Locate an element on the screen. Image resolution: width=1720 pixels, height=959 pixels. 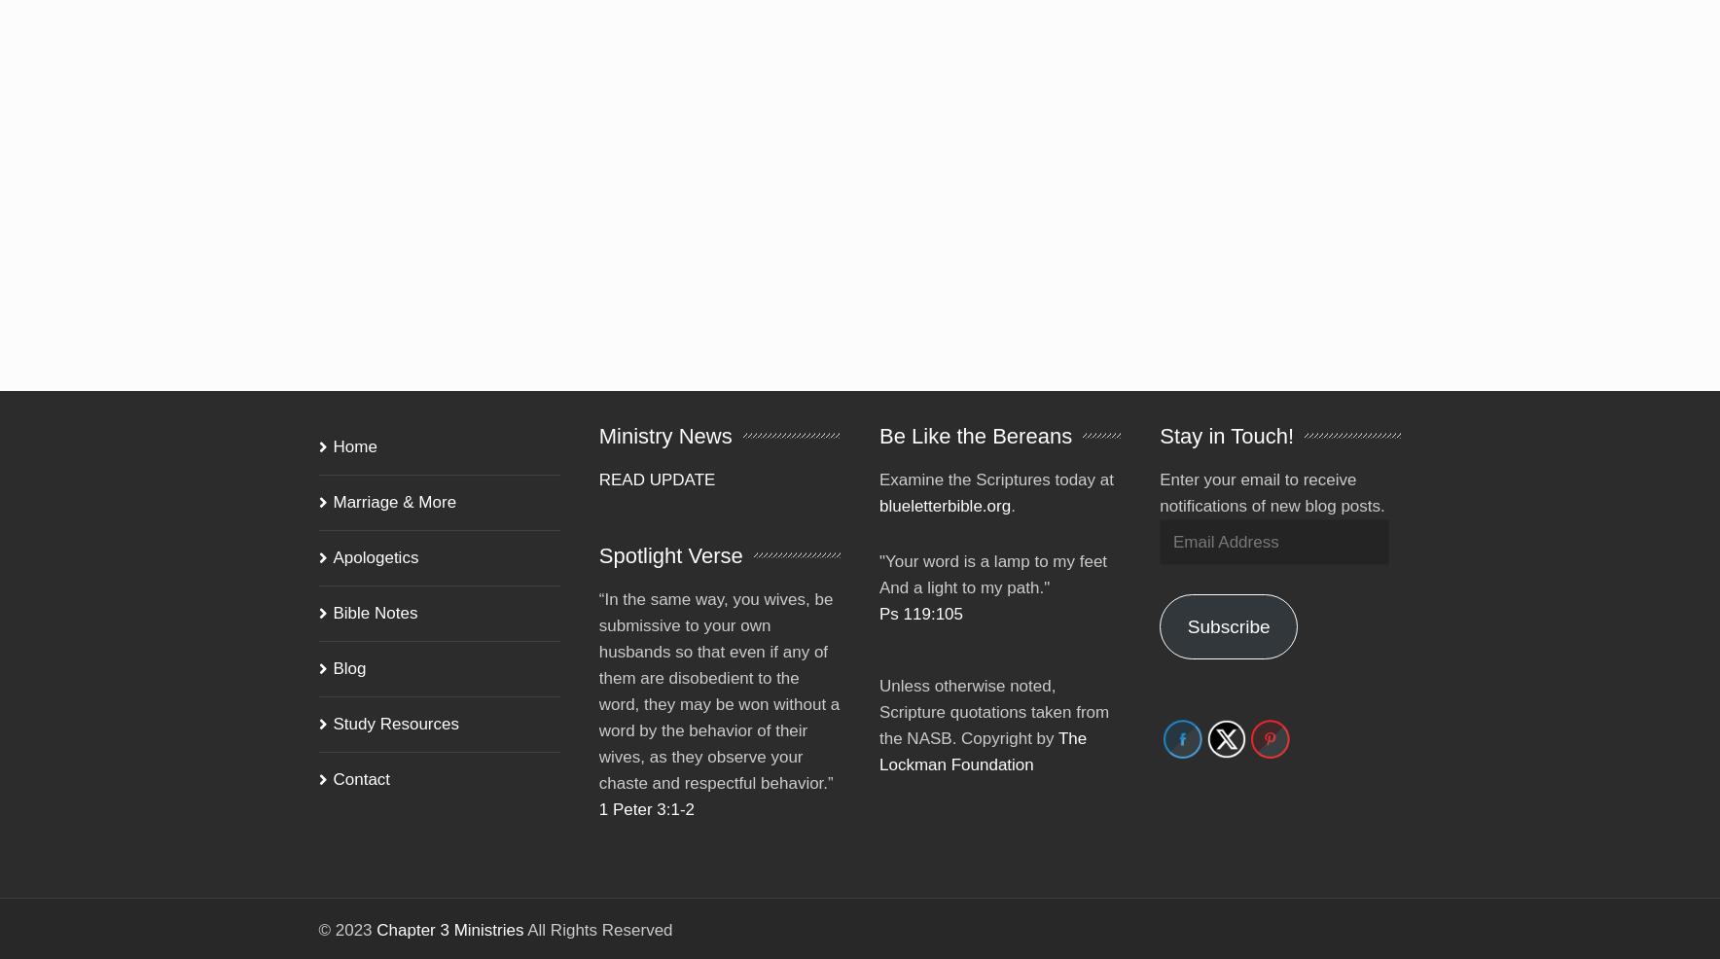
'Examine the Scriptures today at' is located at coordinates (995, 452).